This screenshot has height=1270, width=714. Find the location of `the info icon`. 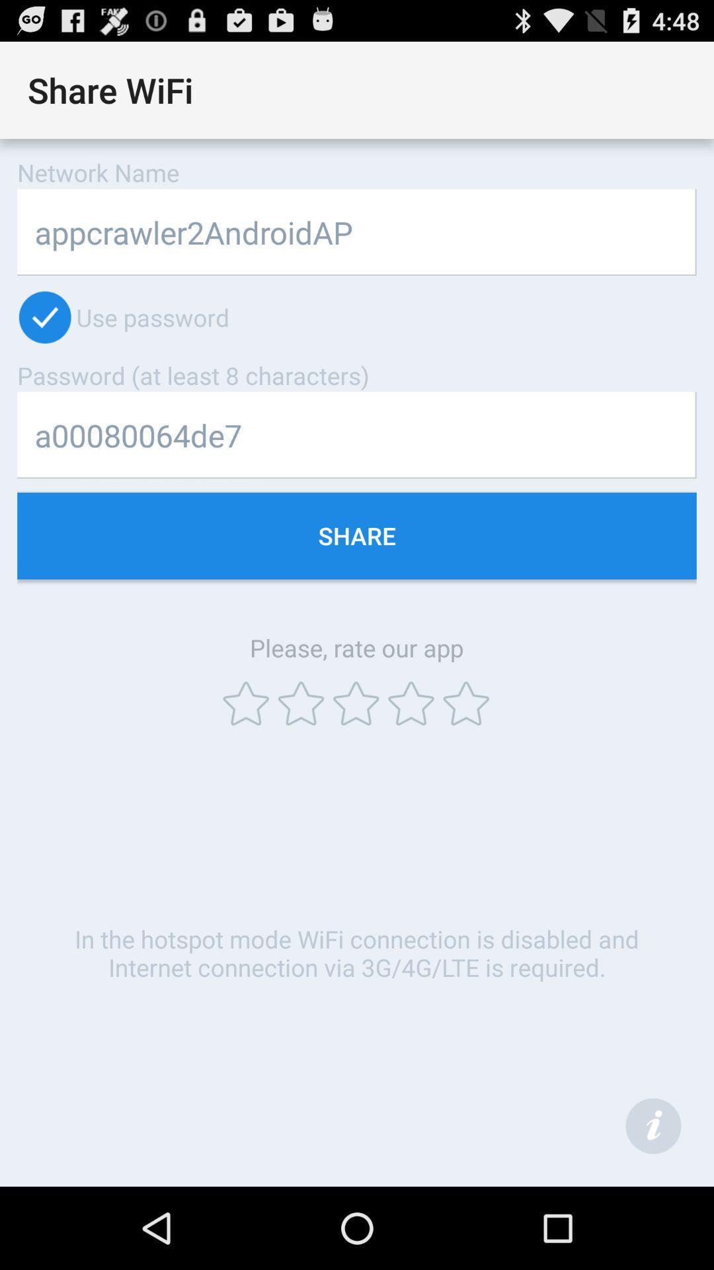

the info icon is located at coordinates (653, 1205).